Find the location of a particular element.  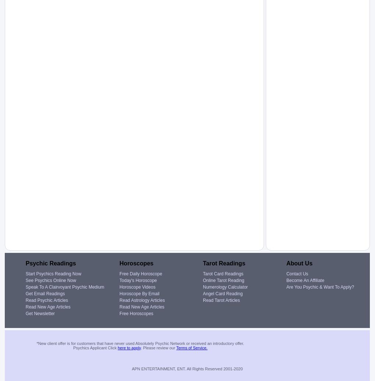

'Speak To A Clairvoyant Psychic Medium' is located at coordinates (64, 286).